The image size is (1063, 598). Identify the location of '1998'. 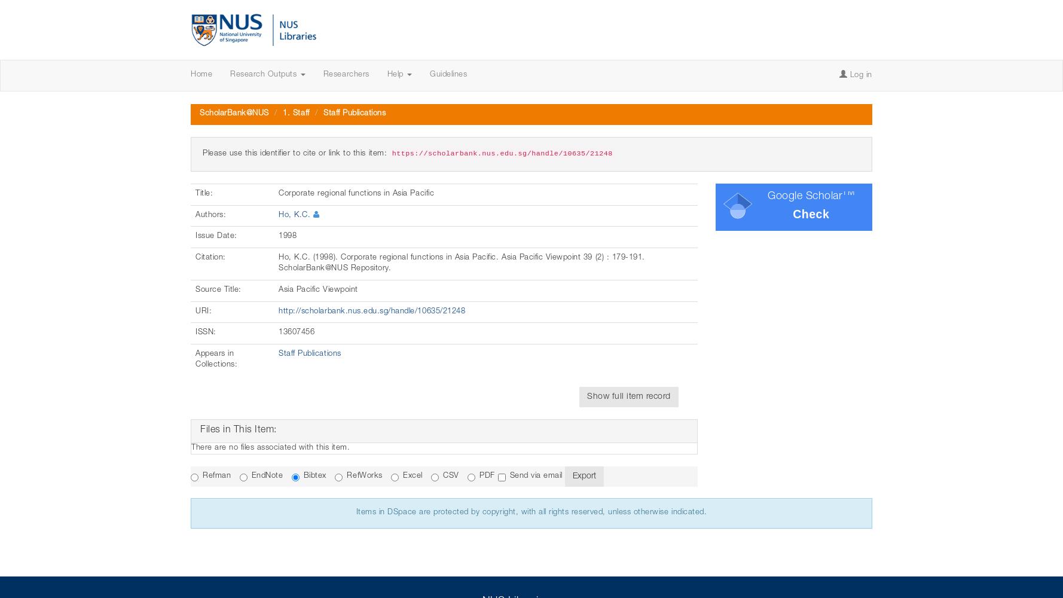
(286, 236).